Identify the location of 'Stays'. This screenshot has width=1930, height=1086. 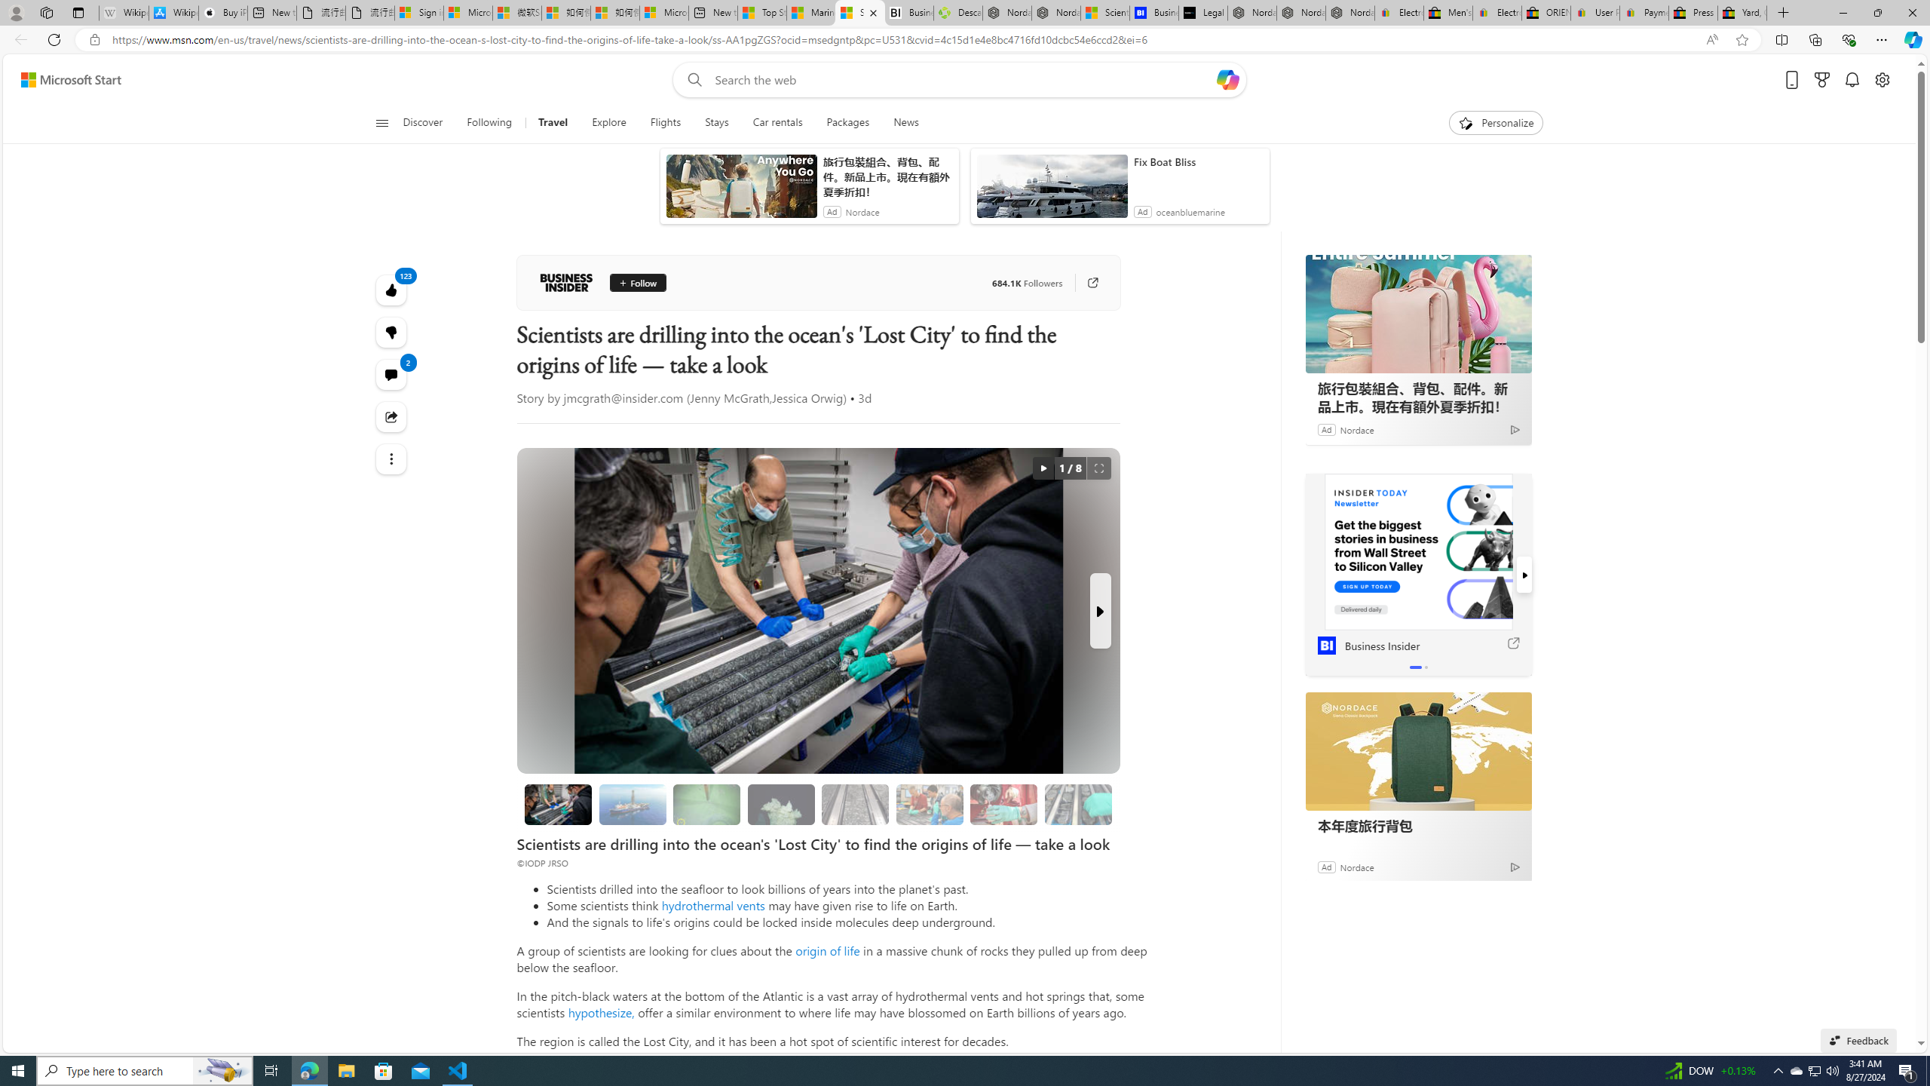
(716, 122).